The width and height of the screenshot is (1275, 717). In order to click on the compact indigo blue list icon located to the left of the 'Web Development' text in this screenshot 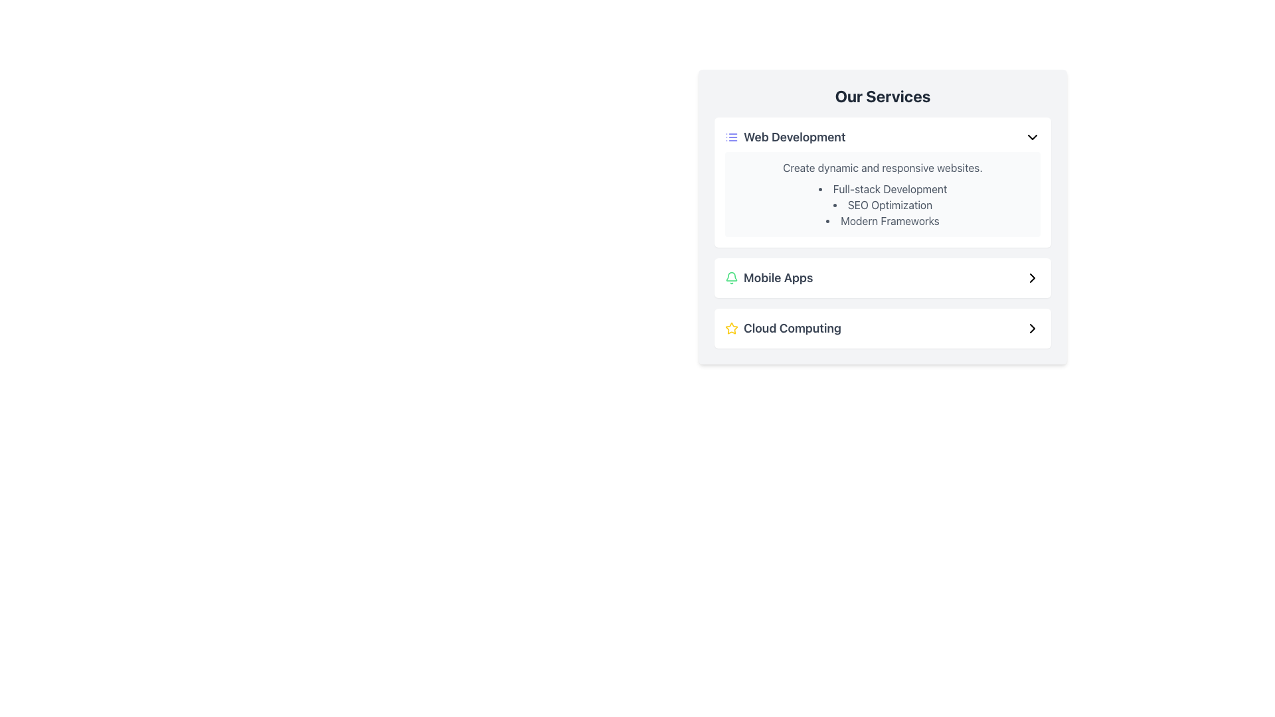, I will do `click(731, 137)`.